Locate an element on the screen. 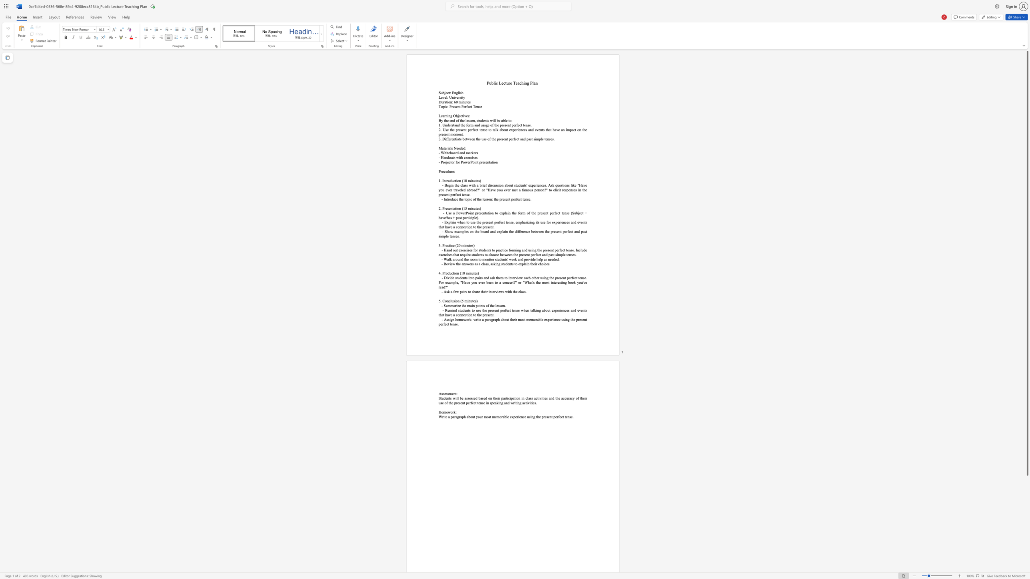 Image resolution: width=1030 pixels, height=579 pixels. the 4th character "o" in the text is located at coordinates (480, 259).